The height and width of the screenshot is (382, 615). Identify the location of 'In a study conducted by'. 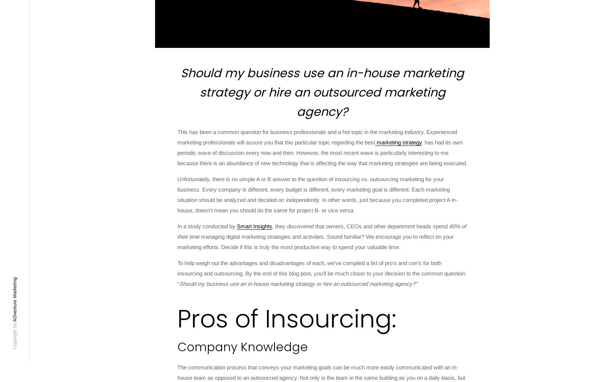
(207, 226).